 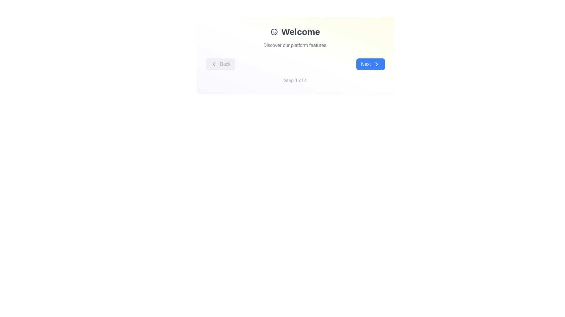 I want to click on the blue 'Next' button with rounded corners that features a right-facing arrow icon and a white text label, so click(x=370, y=64).